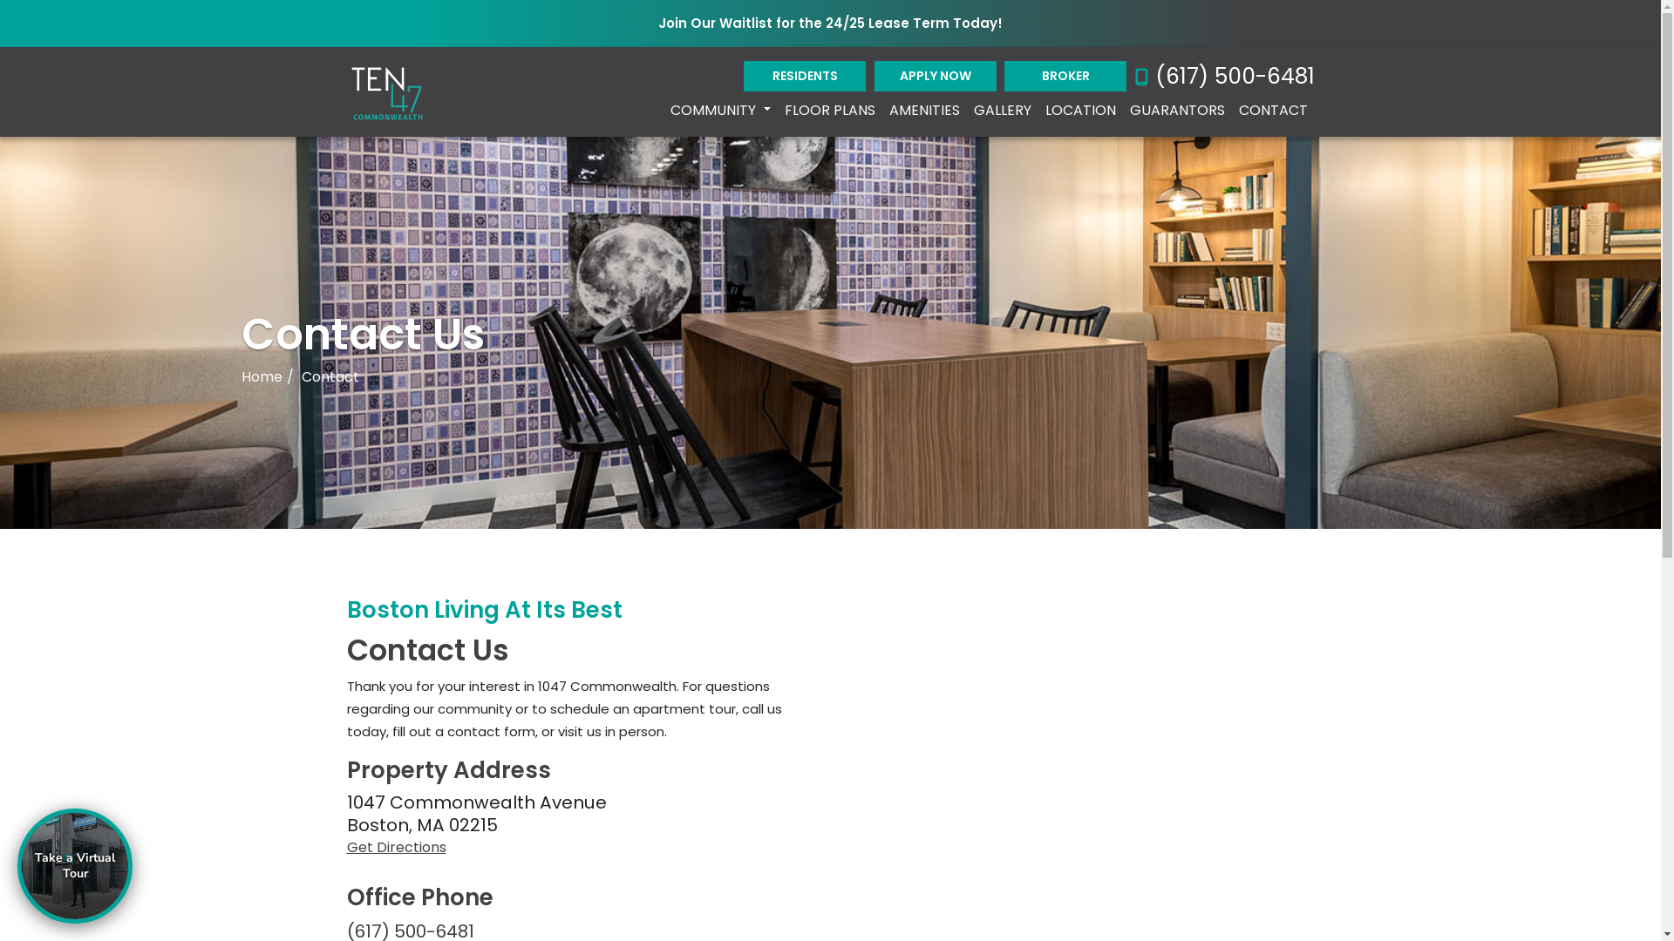  I want to click on 'COMMUNITY', so click(719, 110).